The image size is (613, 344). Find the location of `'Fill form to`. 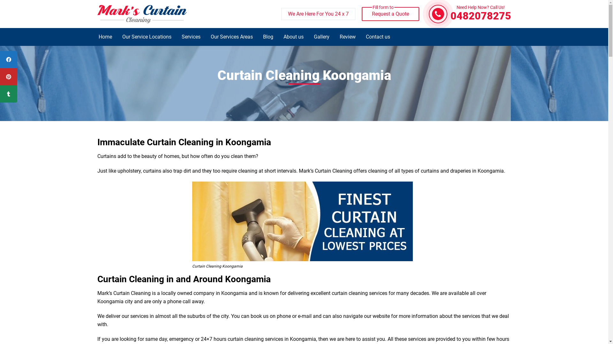

'Fill form to is located at coordinates (390, 14).